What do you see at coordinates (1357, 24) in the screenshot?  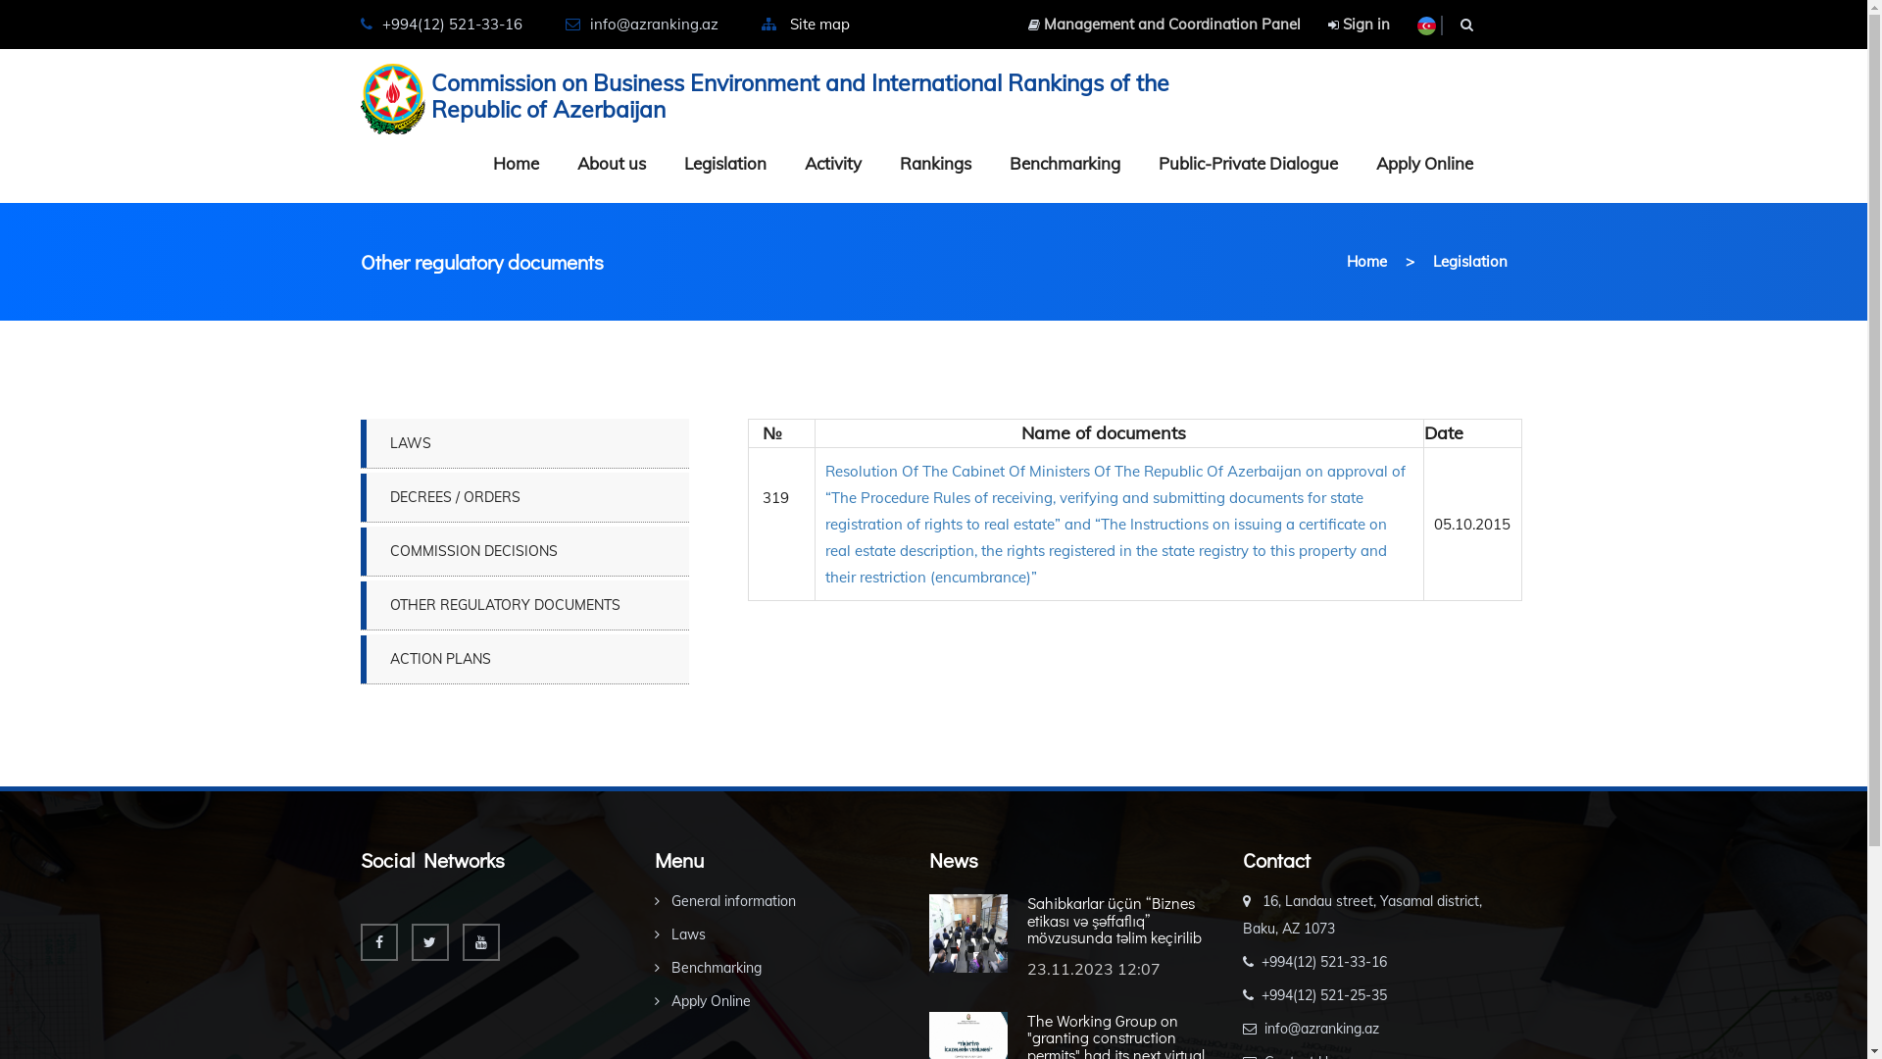 I see `'Sign in'` at bounding box center [1357, 24].